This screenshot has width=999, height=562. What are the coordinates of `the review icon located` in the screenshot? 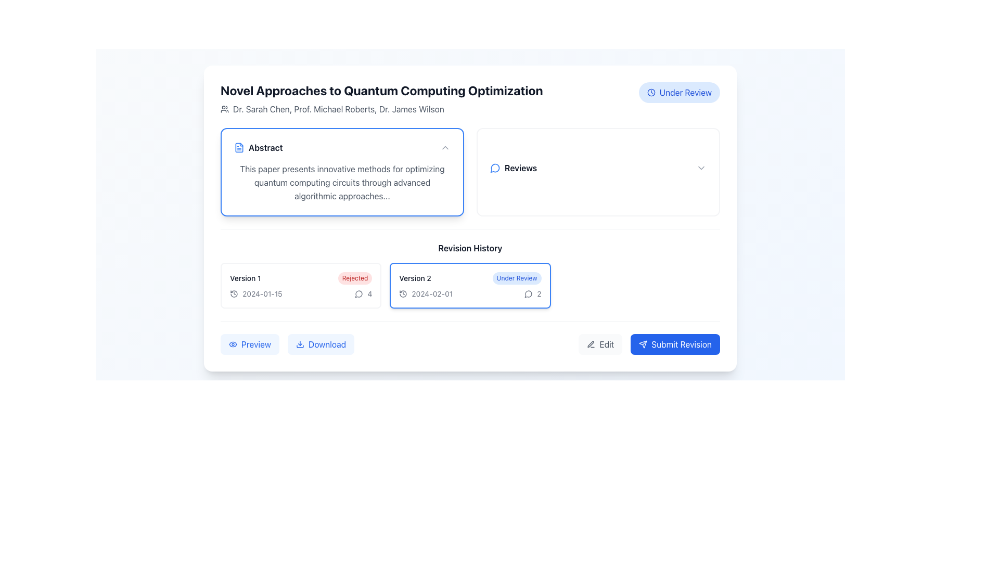 It's located at (359, 293).